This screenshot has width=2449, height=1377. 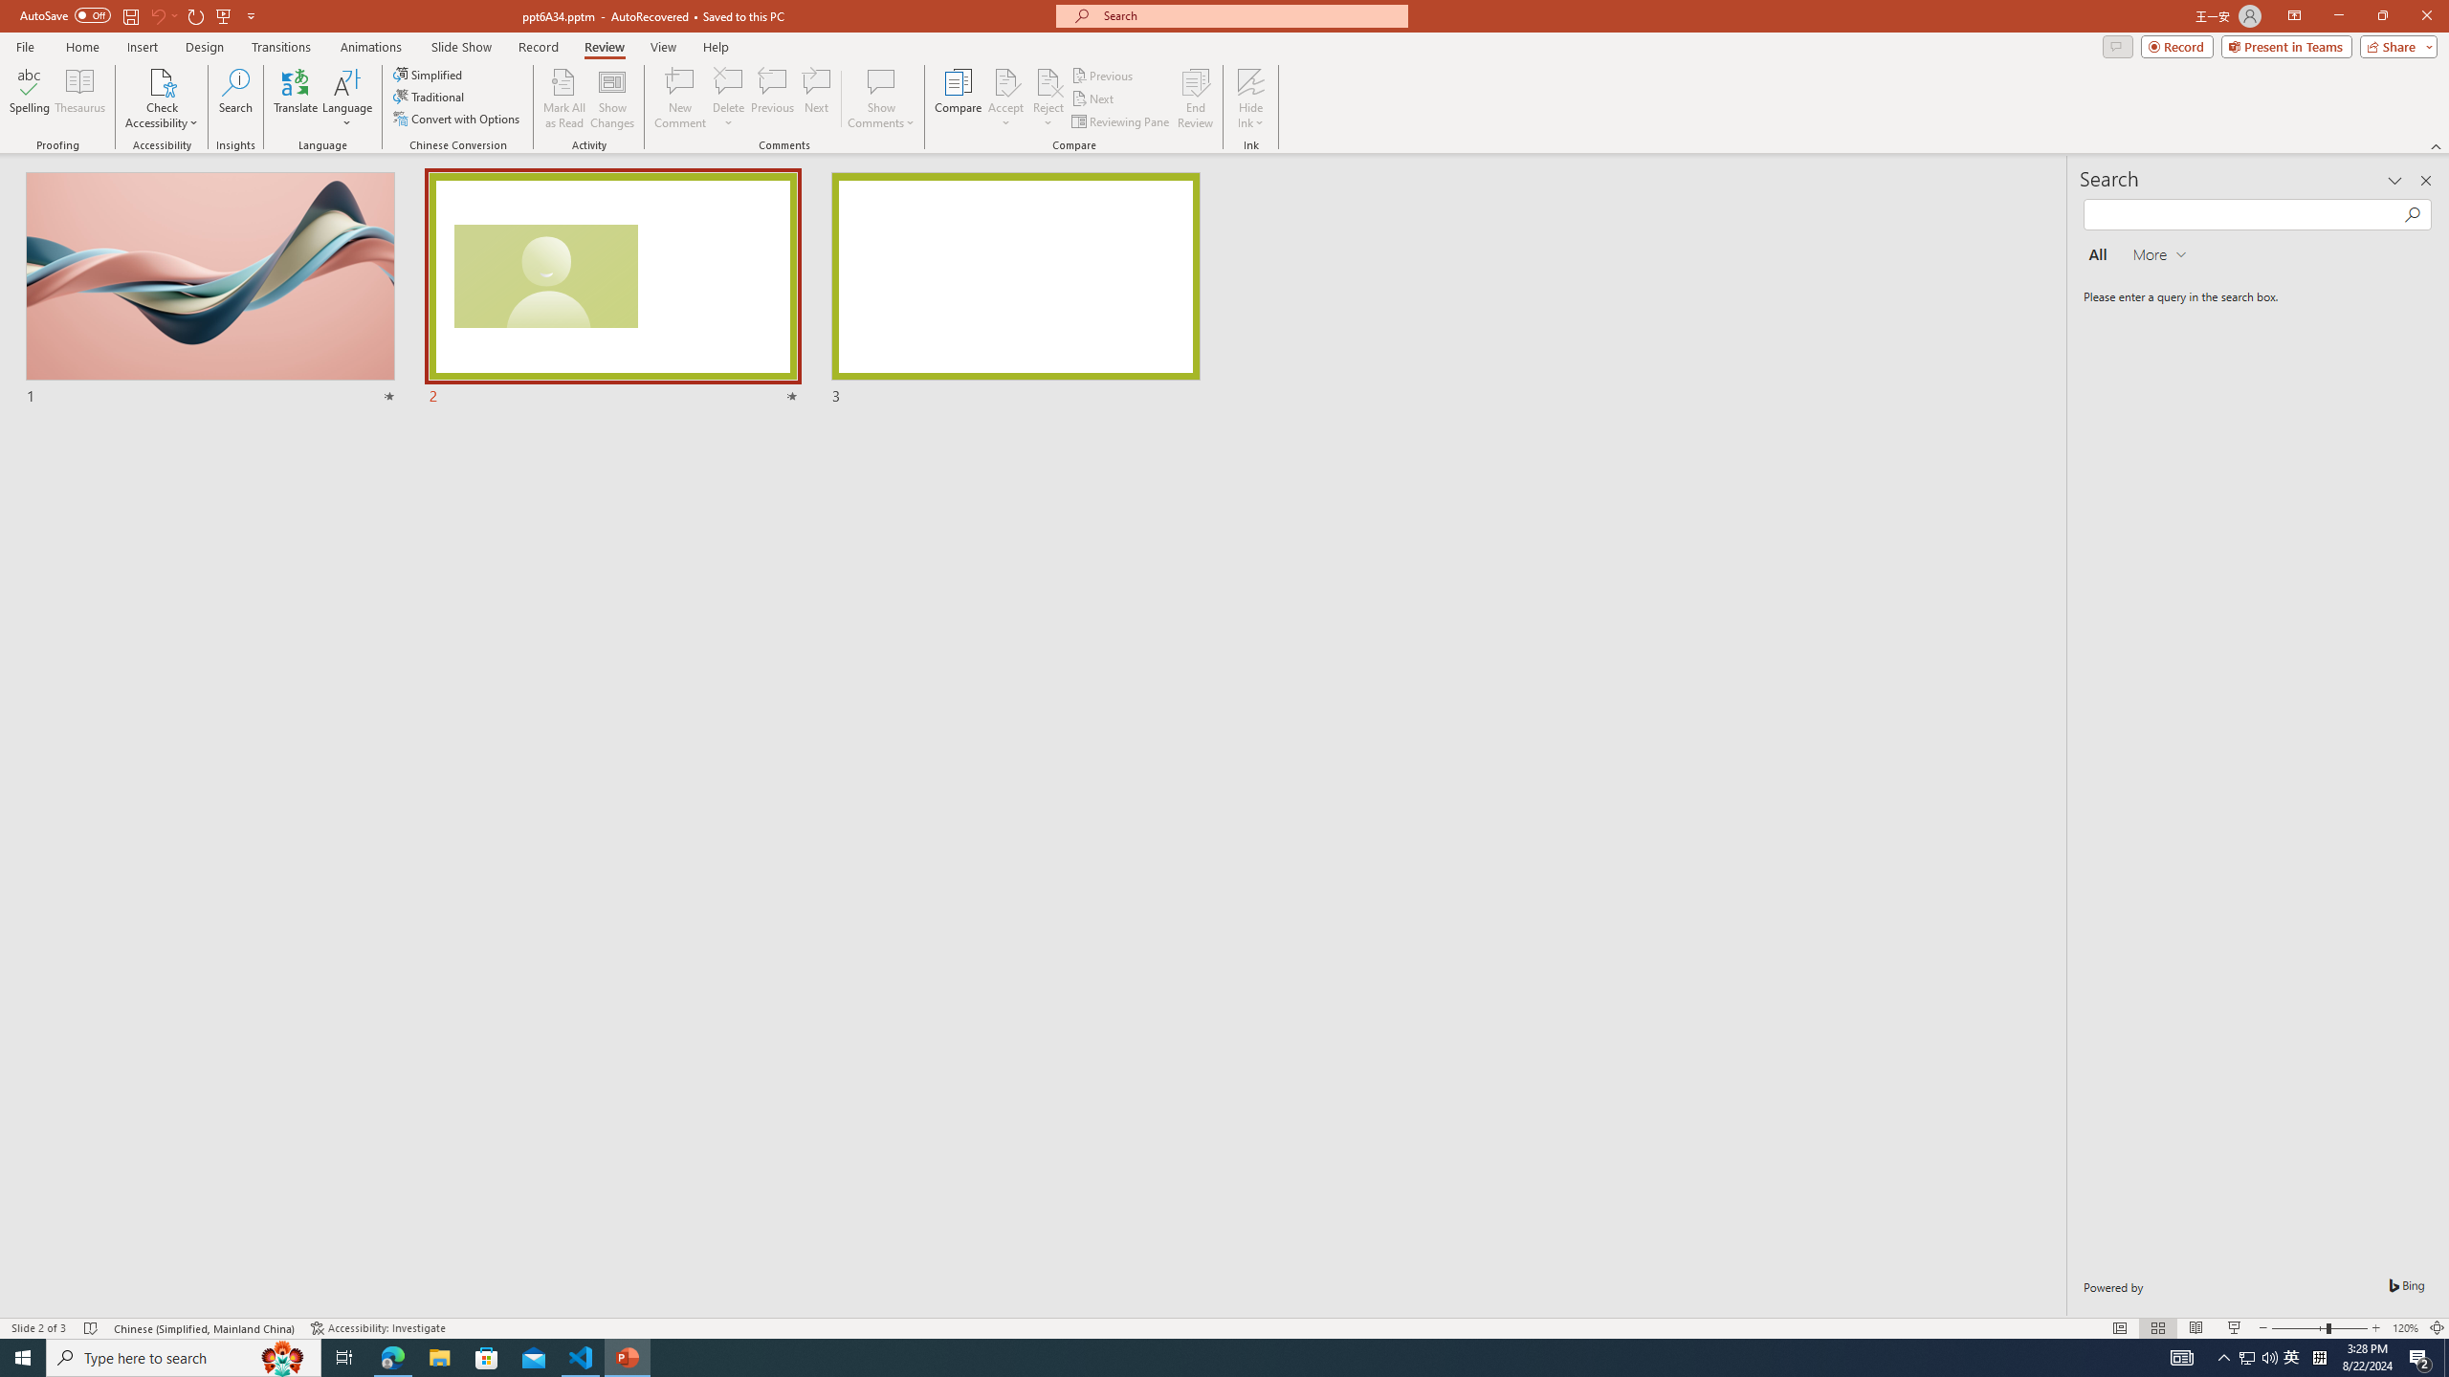 What do you see at coordinates (1120, 121) in the screenshot?
I see `'Reviewing Pane'` at bounding box center [1120, 121].